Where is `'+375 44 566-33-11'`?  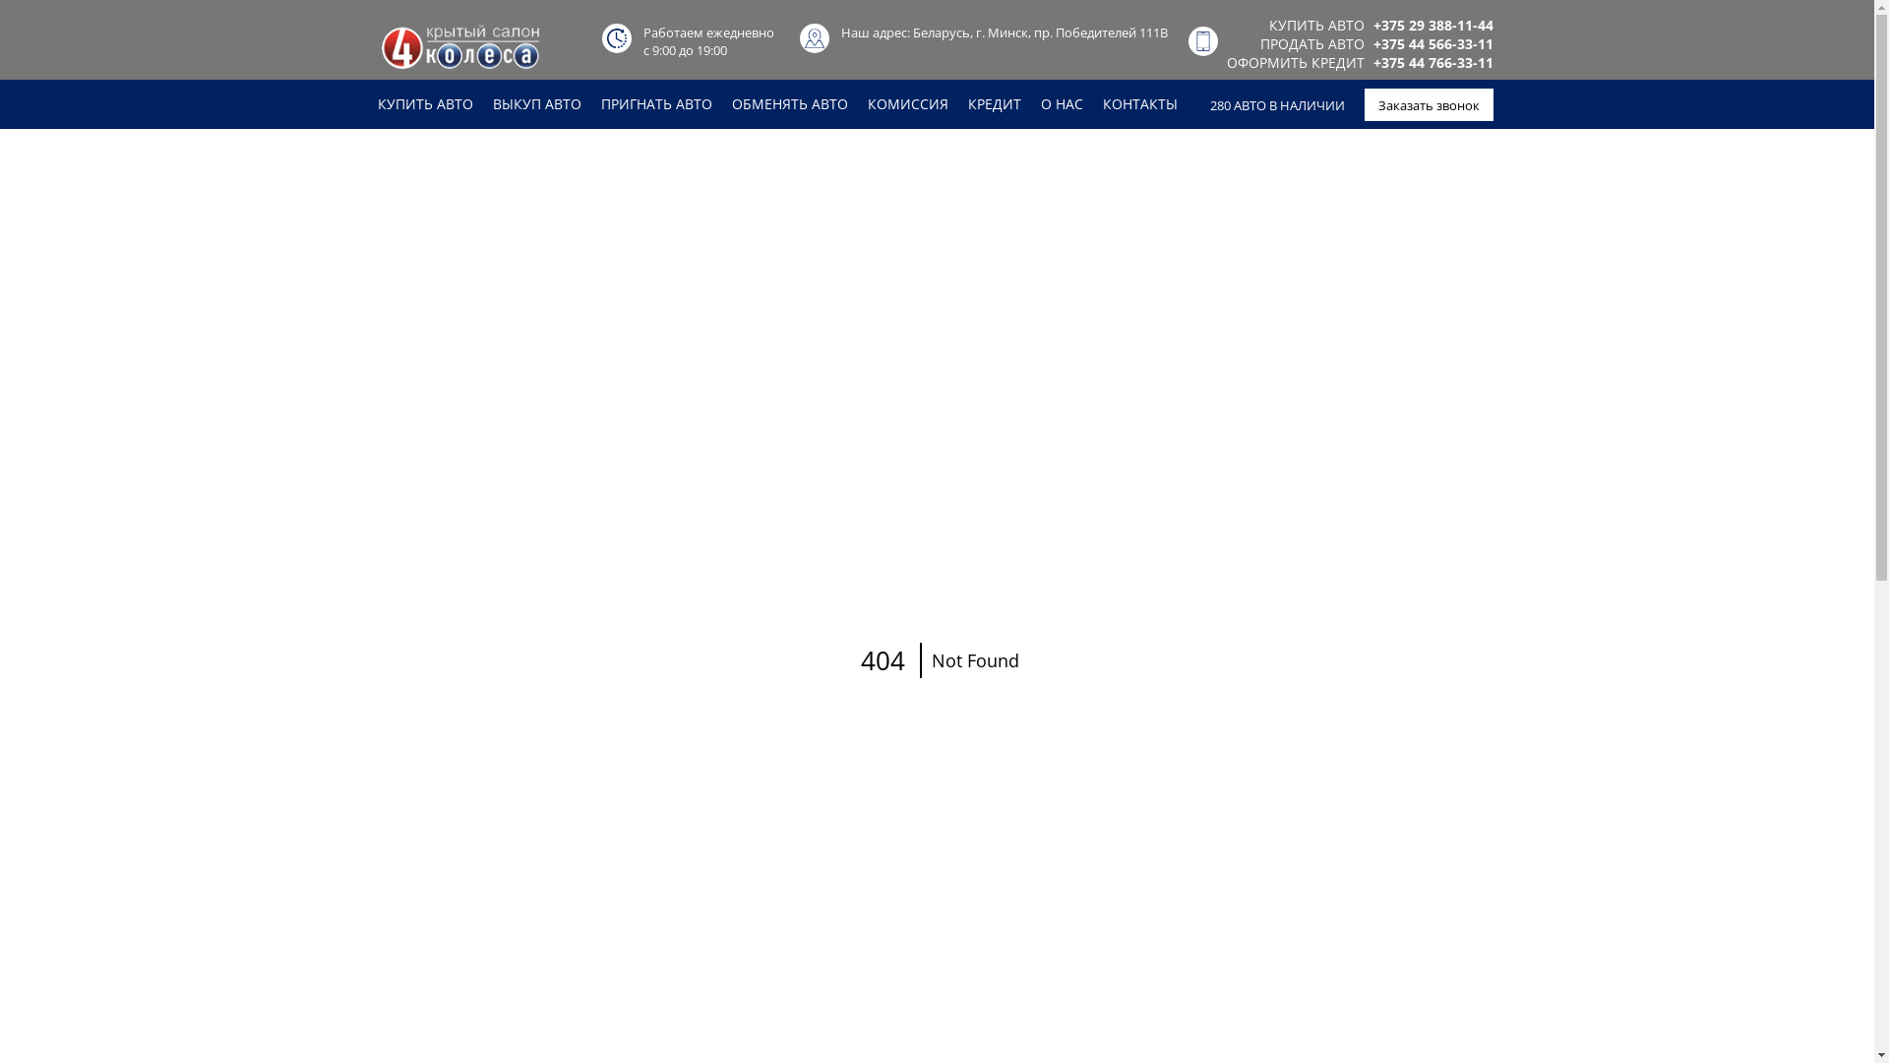
'+375 44 566-33-11' is located at coordinates (1433, 43).